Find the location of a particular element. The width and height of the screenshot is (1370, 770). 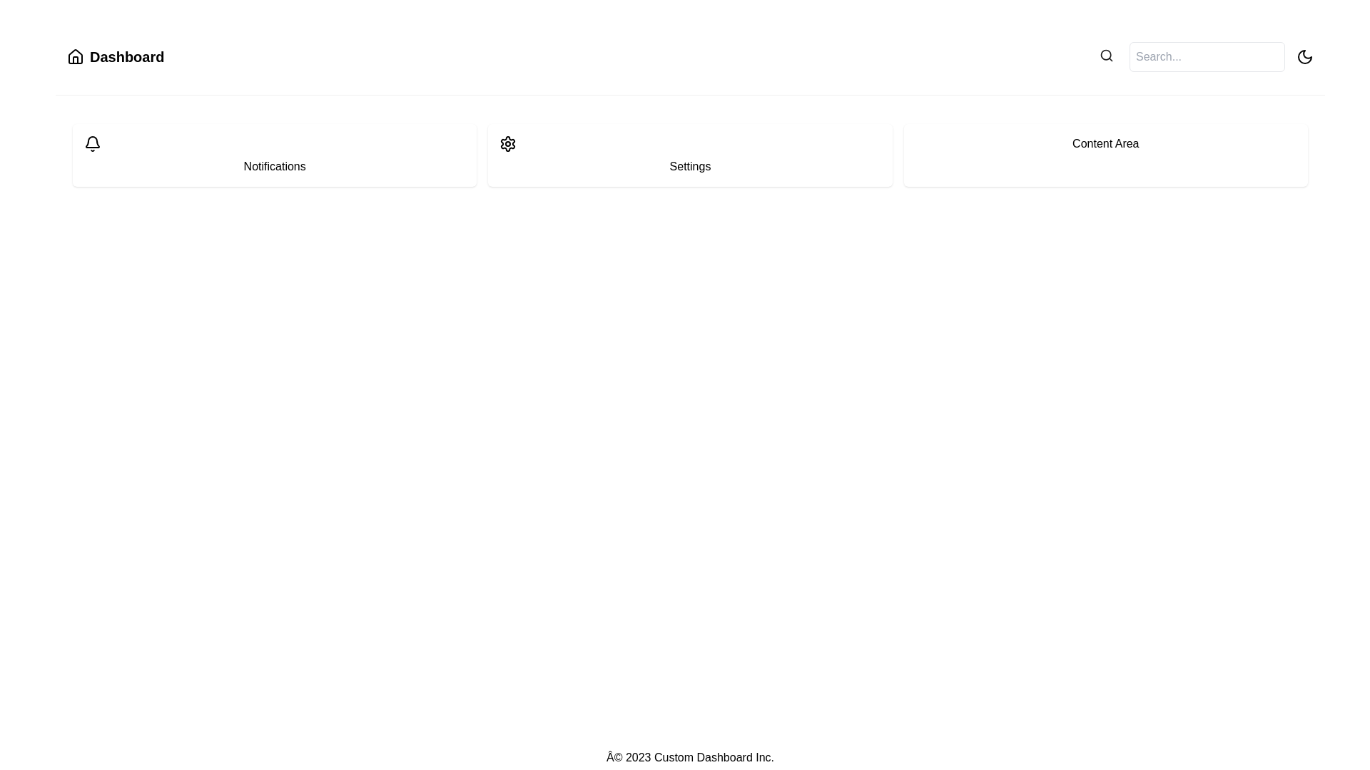

the house icon fragment within the SVG element located is located at coordinates (74, 55).